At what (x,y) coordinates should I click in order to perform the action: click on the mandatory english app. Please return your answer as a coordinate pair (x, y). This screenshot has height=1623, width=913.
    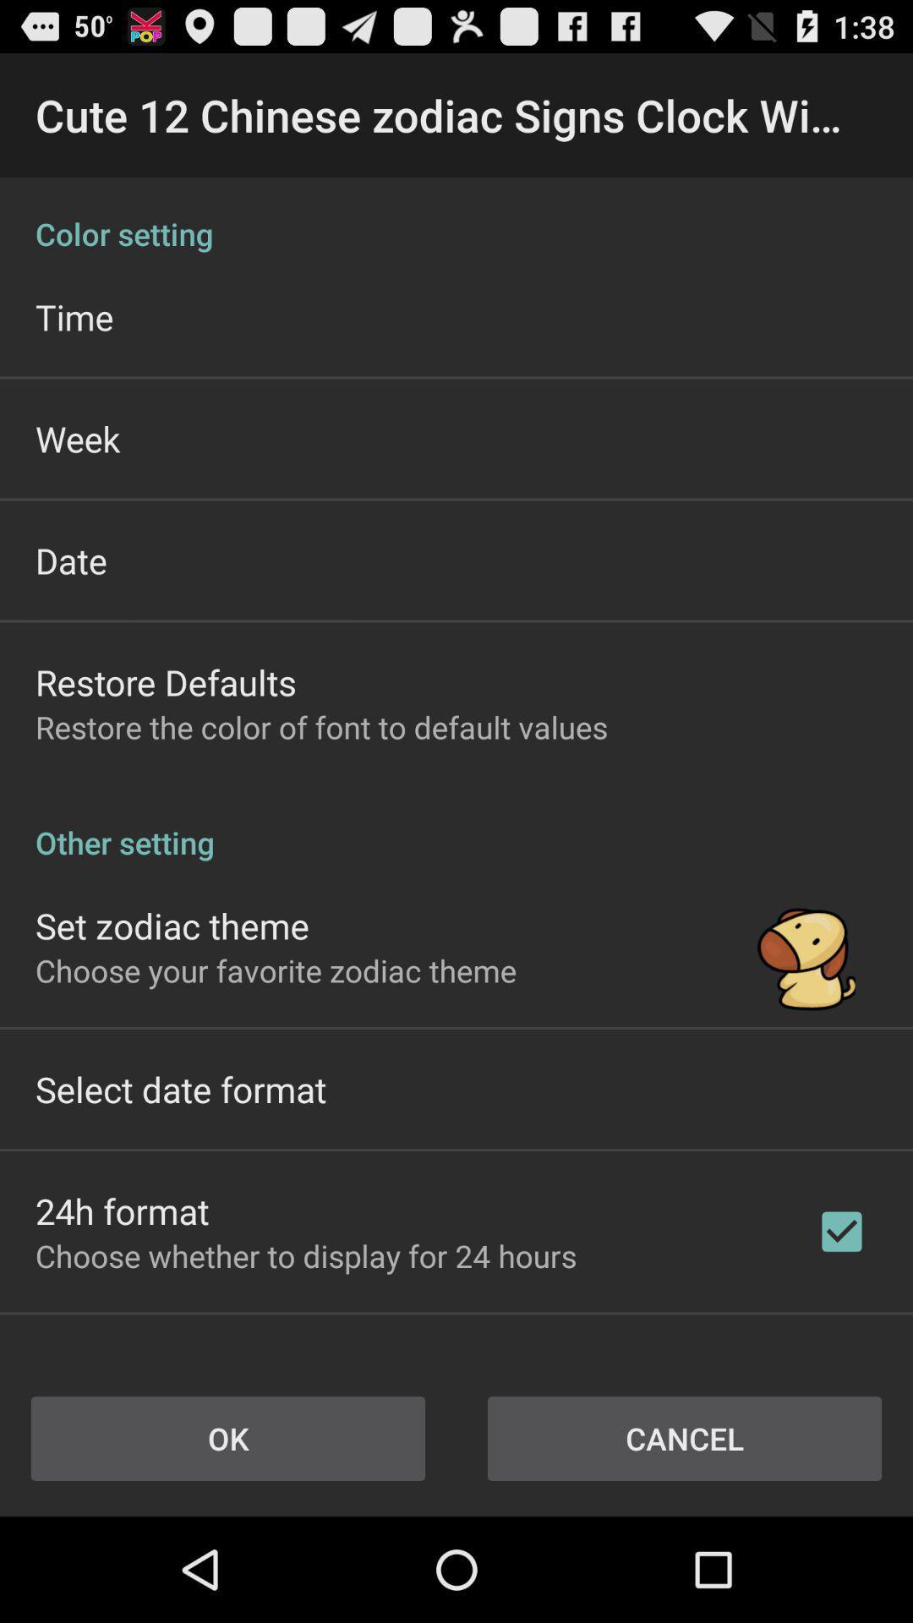
    Looking at the image, I should click on (182, 1355).